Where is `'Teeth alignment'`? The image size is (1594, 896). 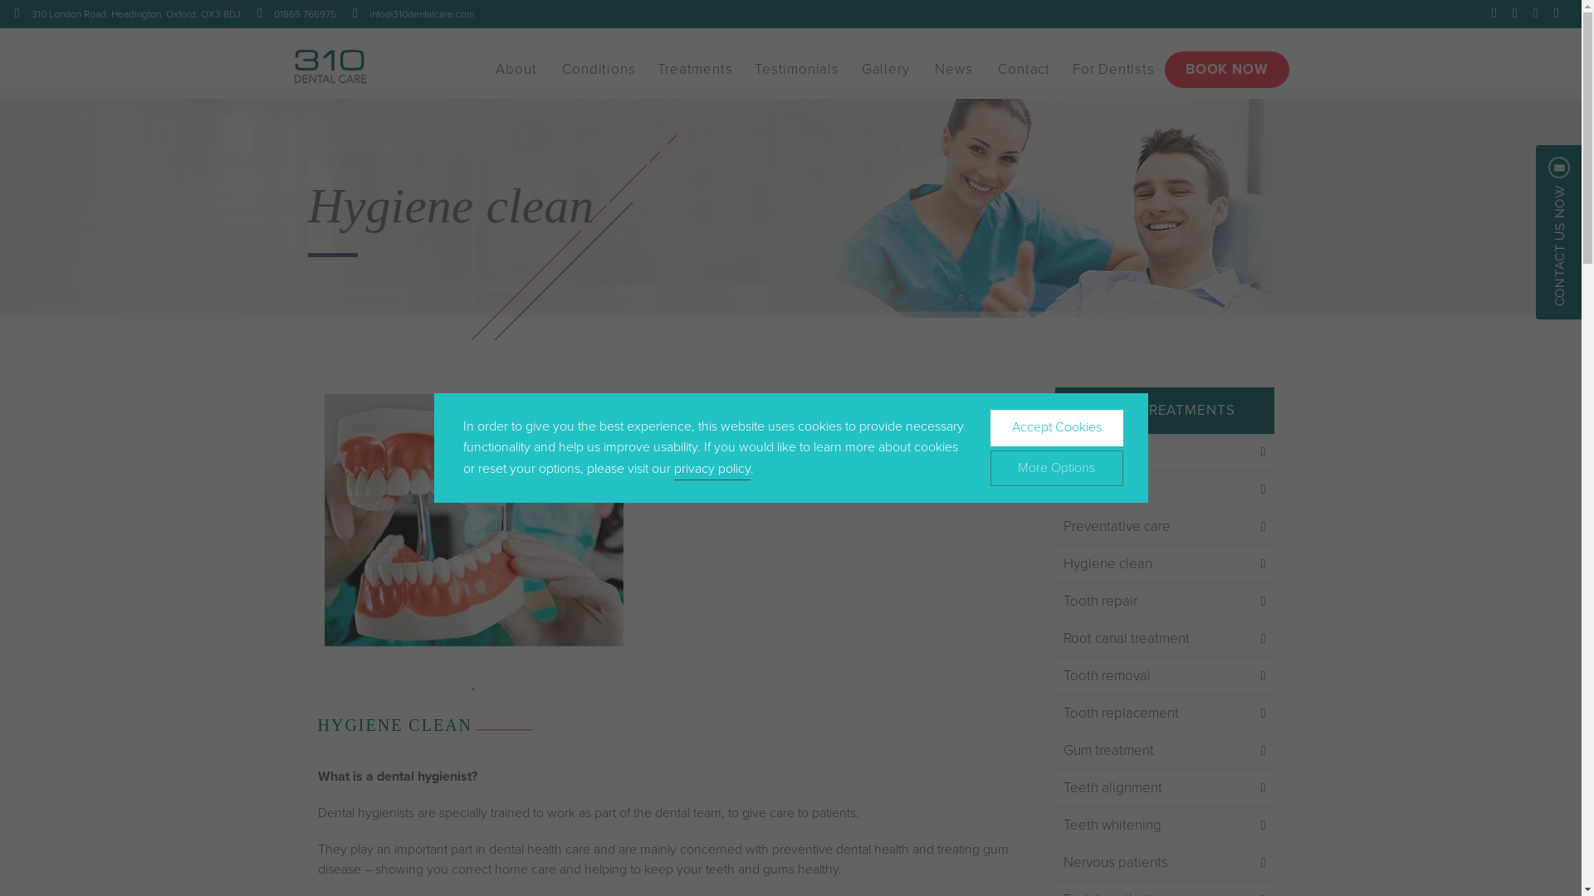
'Teeth alignment' is located at coordinates (1162, 787).